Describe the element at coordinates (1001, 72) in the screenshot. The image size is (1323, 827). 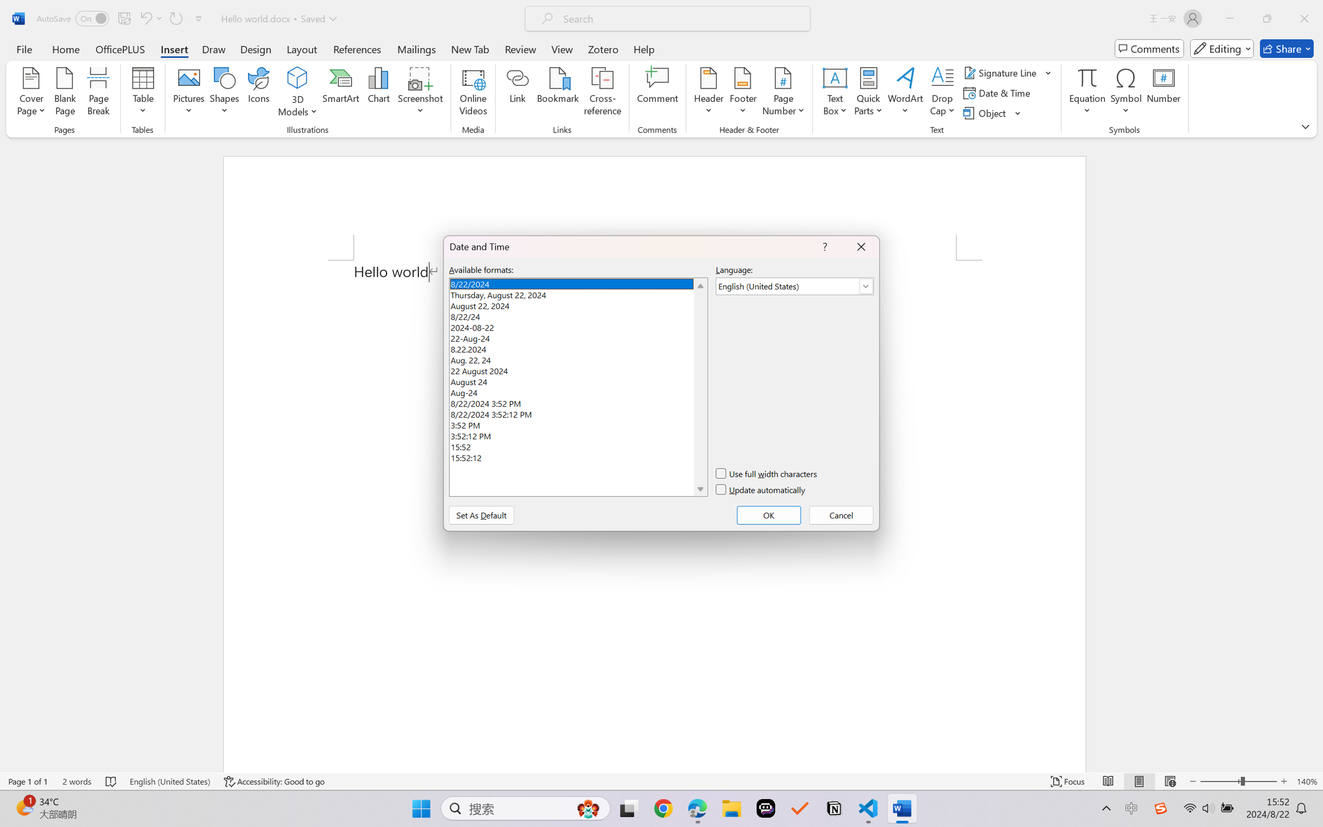
I see `'Signature Line'` at that location.